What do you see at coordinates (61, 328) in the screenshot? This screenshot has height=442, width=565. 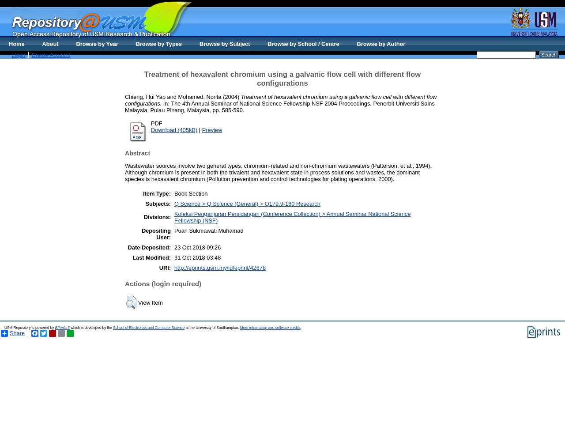 I see `'EPrints 3'` at bounding box center [61, 328].